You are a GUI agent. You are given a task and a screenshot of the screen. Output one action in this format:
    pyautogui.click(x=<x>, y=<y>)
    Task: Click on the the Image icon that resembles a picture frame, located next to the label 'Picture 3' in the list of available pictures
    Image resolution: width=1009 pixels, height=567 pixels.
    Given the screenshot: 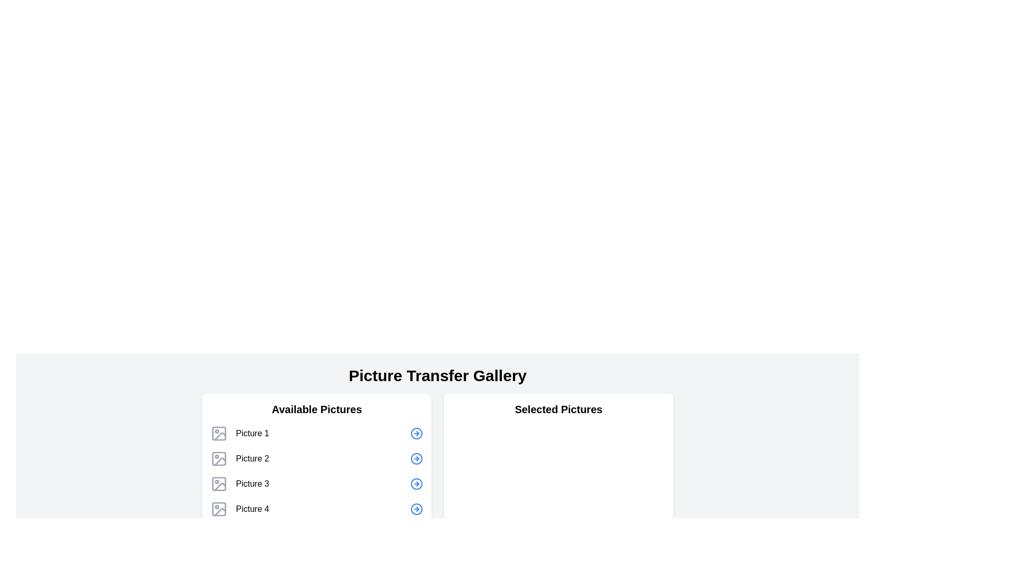 What is the action you would take?
    pyautogui.click(x=219, y=484)
    